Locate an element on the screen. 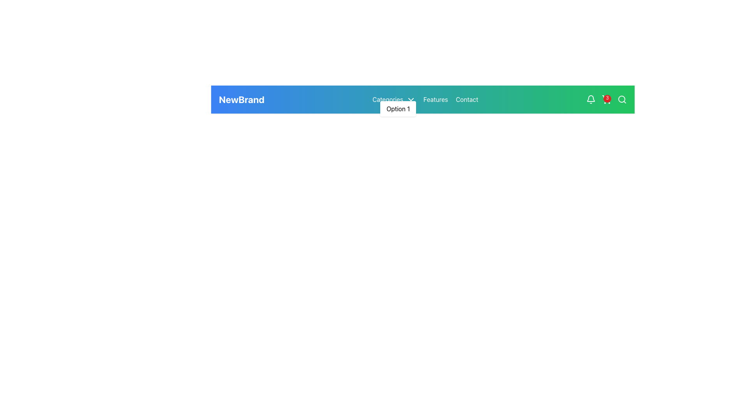 The image size is (748, 420). the shopping cart icon with a red notification badge located in the top-right section of the navigation bar is located at coordinates (606, 99).